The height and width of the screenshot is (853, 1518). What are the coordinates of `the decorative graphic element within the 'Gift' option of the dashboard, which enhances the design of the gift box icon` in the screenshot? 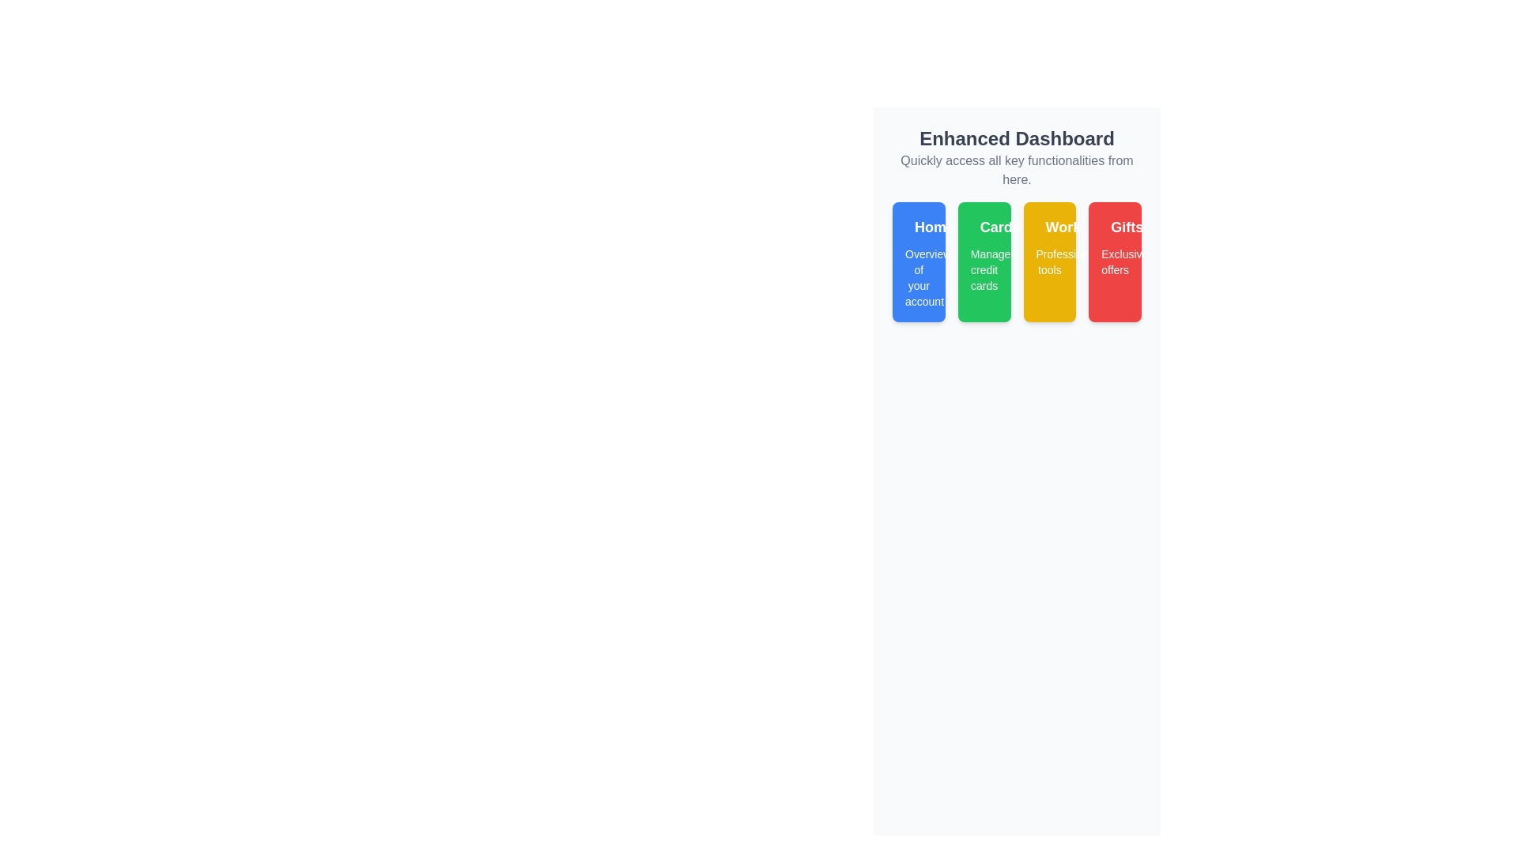 It's located at (1110, 222).